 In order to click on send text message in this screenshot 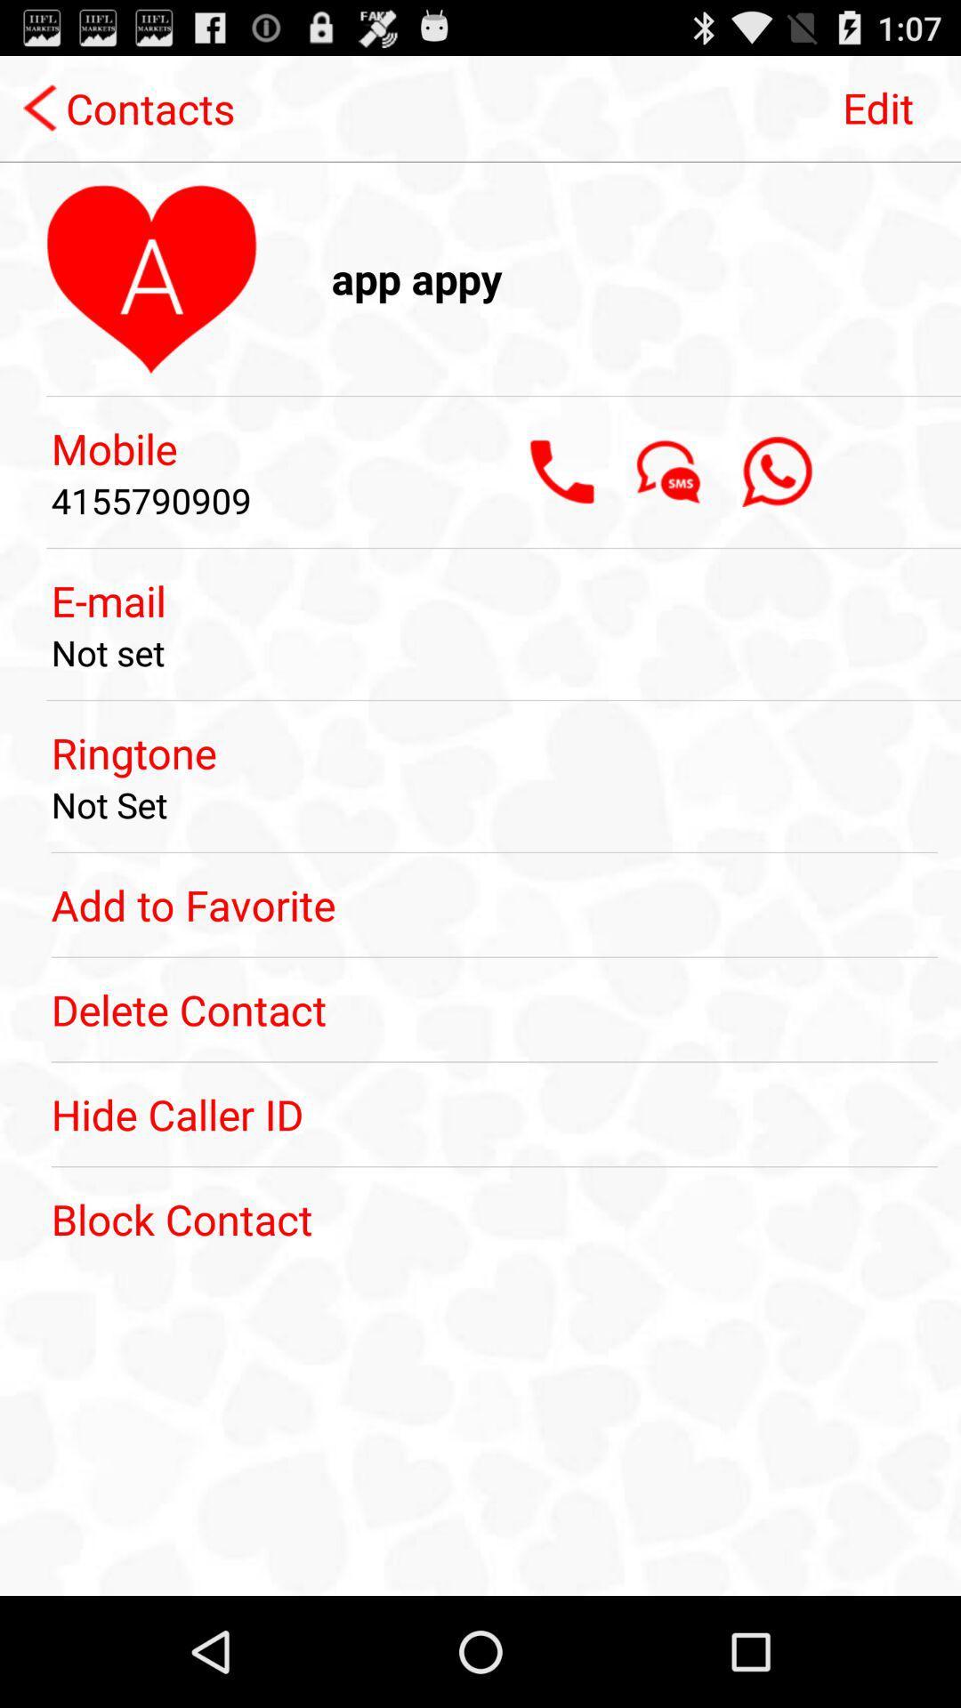, I will do `click(669, 471)`.